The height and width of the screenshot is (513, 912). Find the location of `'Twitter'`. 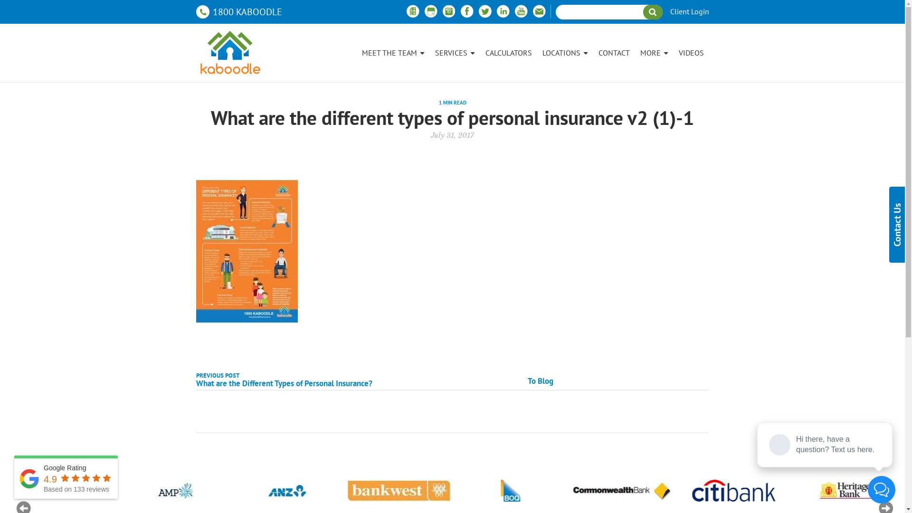

'Twitter' is located at coordinates (484, 11).